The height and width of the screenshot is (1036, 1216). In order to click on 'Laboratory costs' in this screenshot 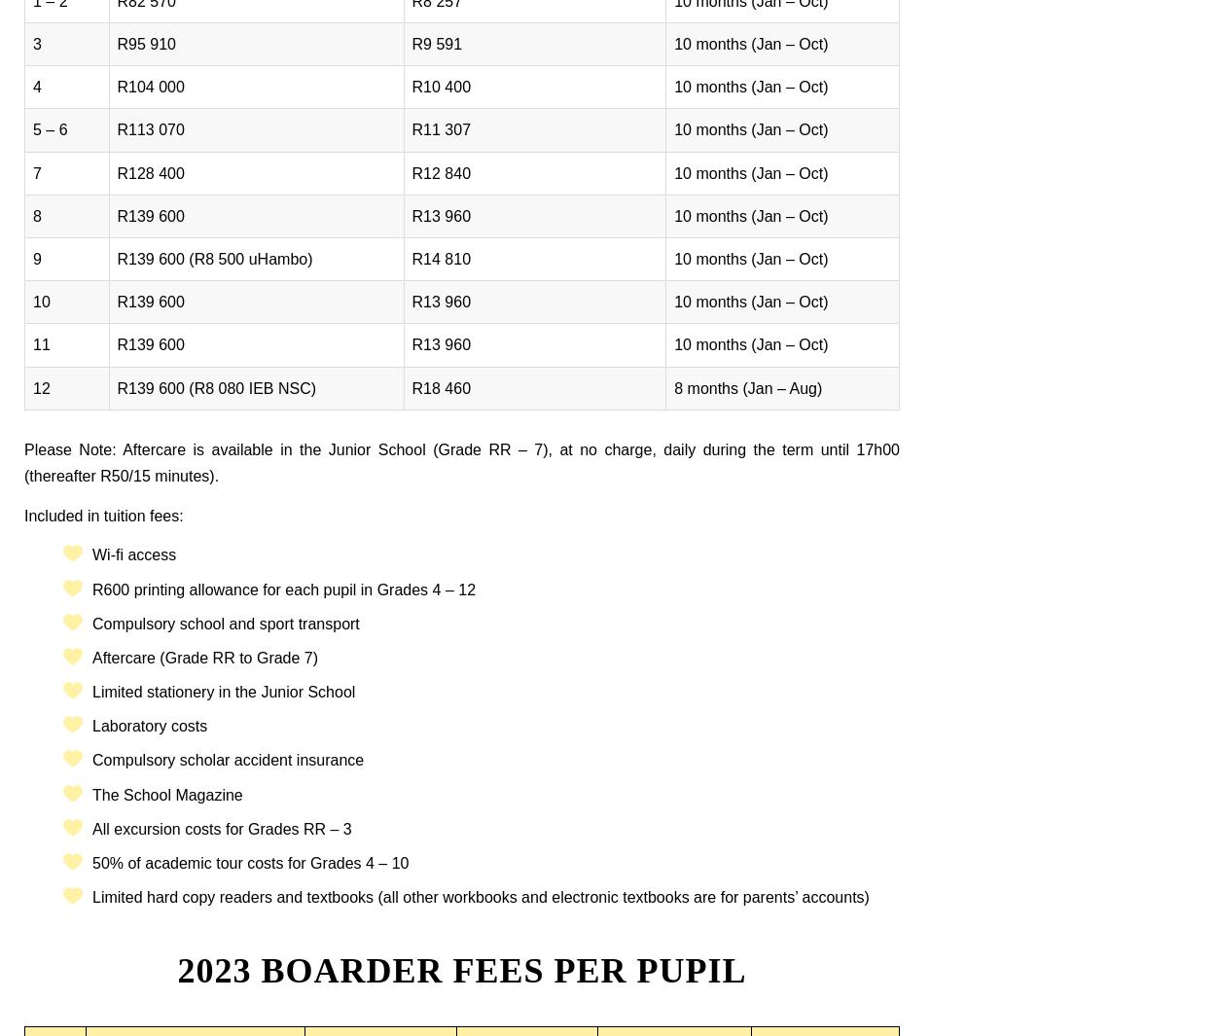, I will do `click(150, 726)`.